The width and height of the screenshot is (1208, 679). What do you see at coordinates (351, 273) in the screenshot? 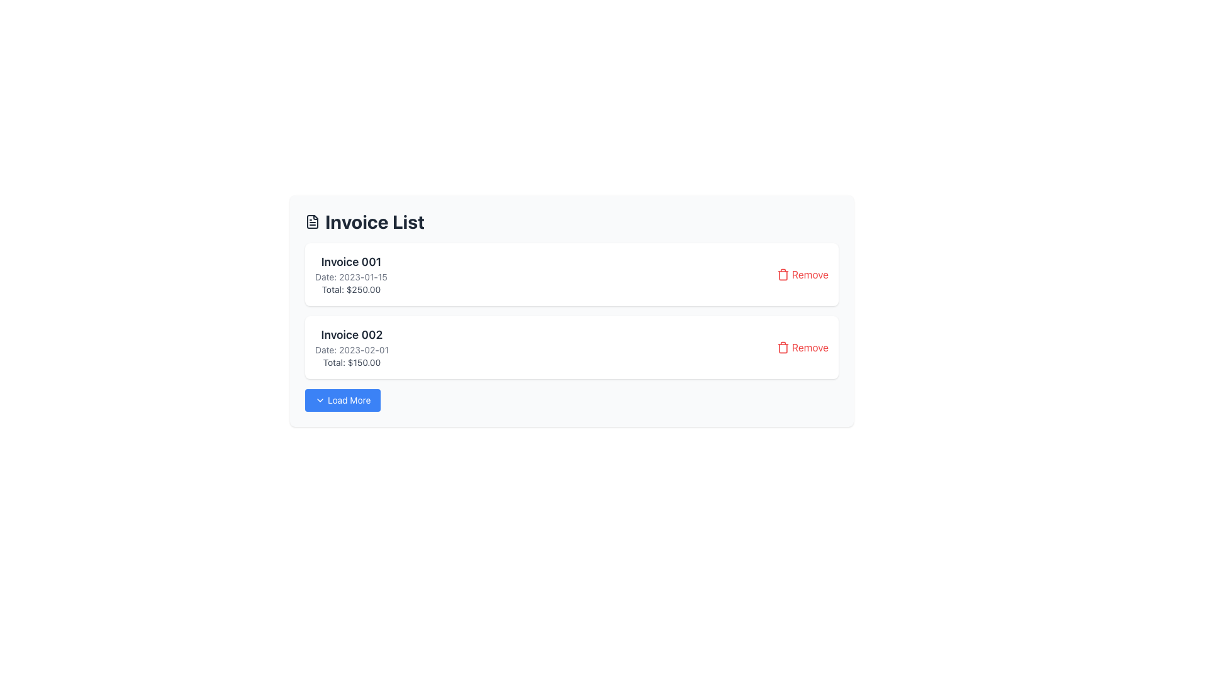
I see `the informational text label that displays the invoice identifier, date, and total amount, located in the upper left of the first invoice card` at bounding box center [351, 273].